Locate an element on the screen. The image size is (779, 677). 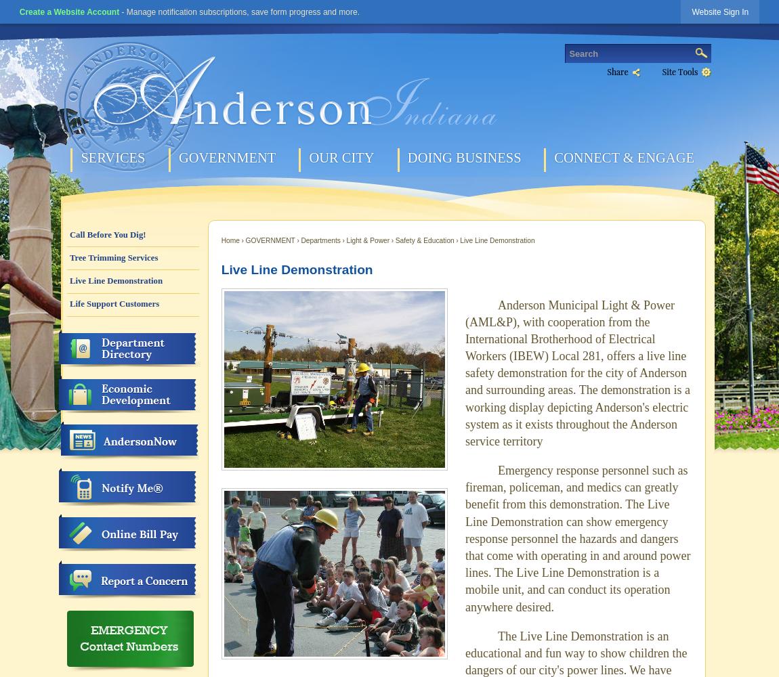
'Life Support Customers' is located at coordinates (113, 303).